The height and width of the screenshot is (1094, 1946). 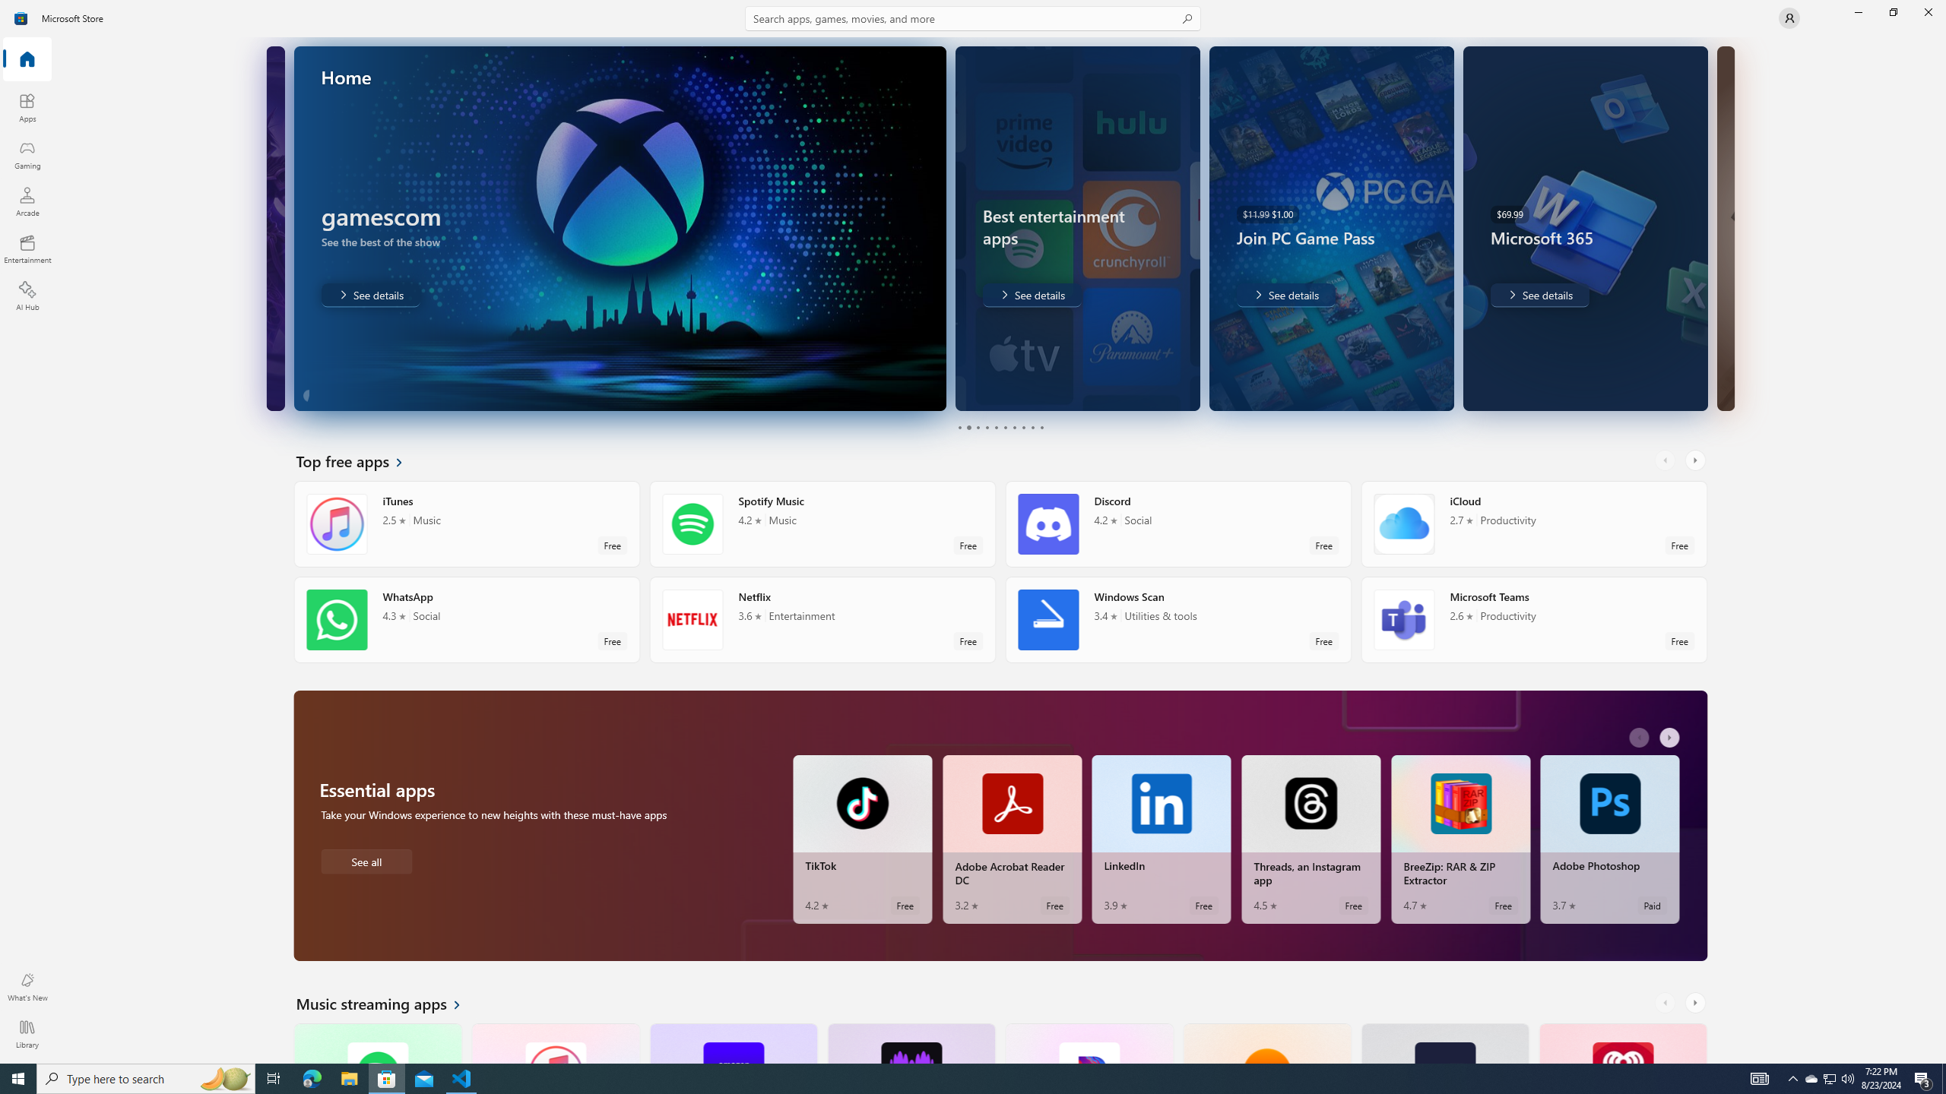 What do you see at coordinates (387, 1003) in the screenshot?
I see `'See all  Music streaming apps'` at bounding box center [387, 1003].